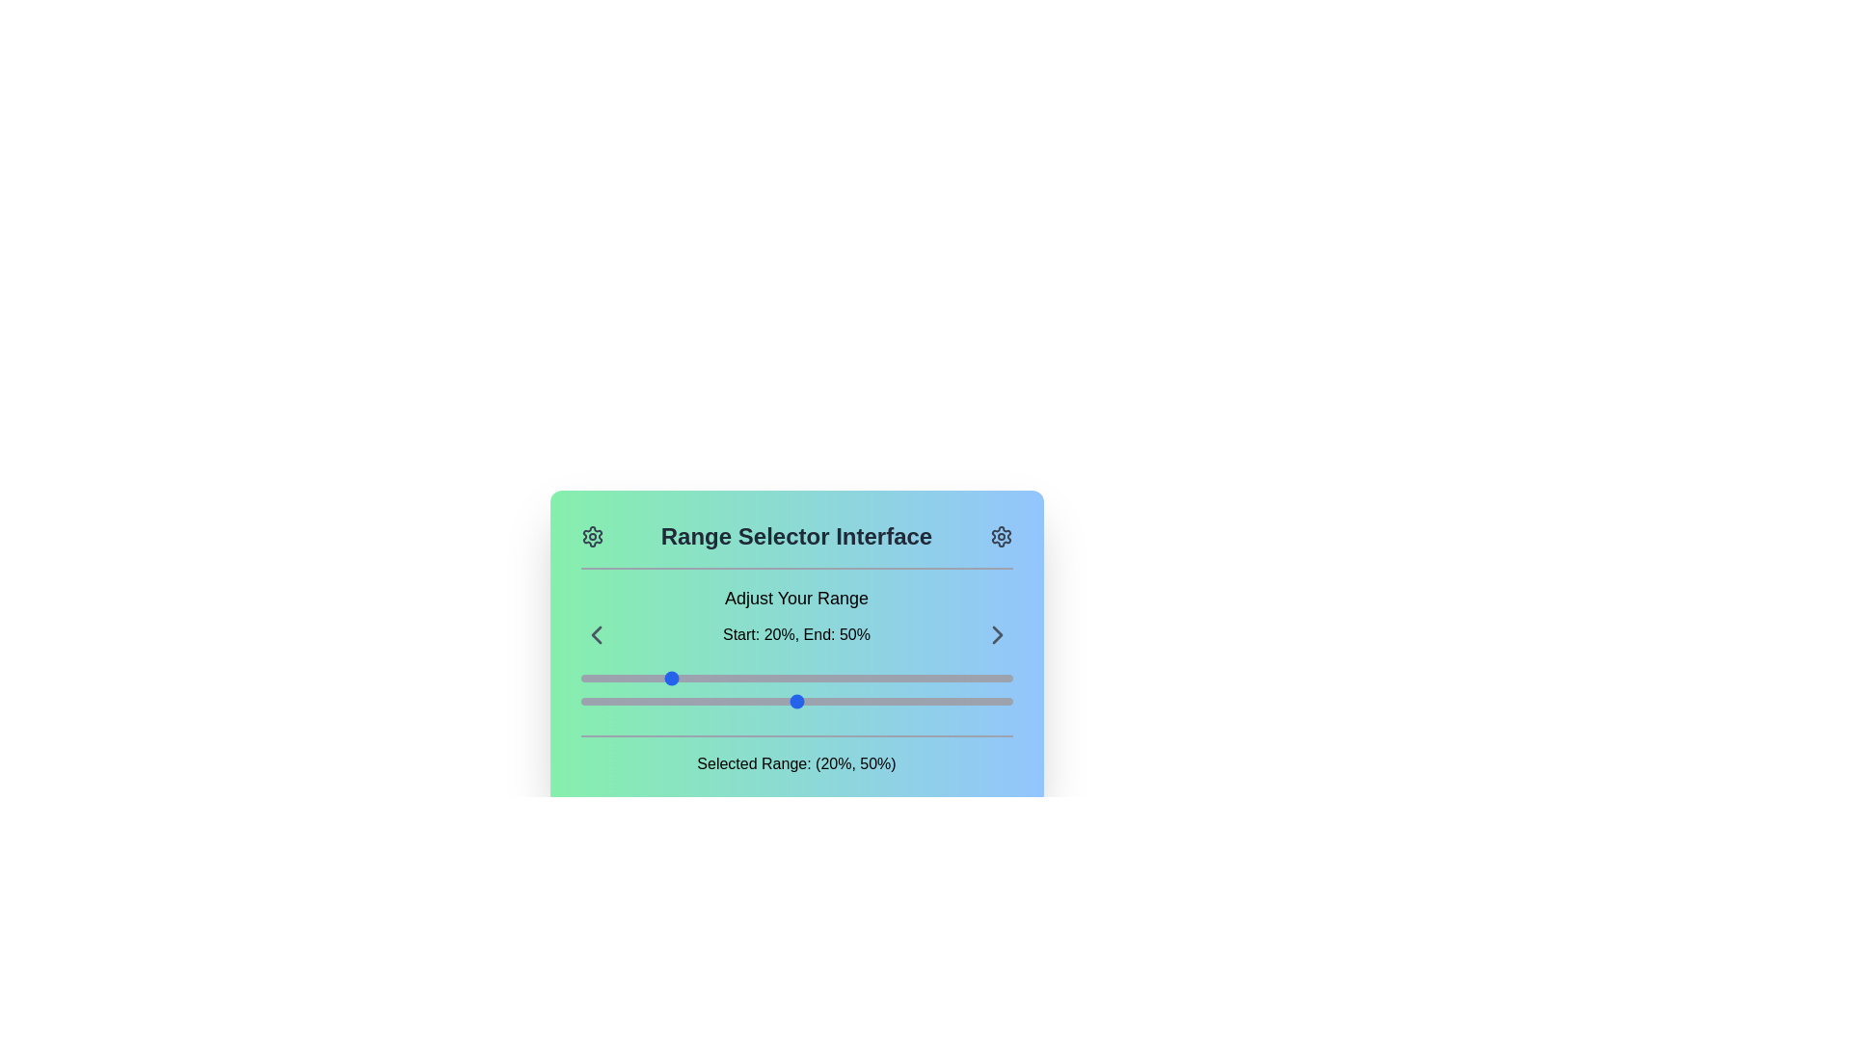 This screenshot has width=1851, height=1041. I want to click on the slider, so click(765, 678).